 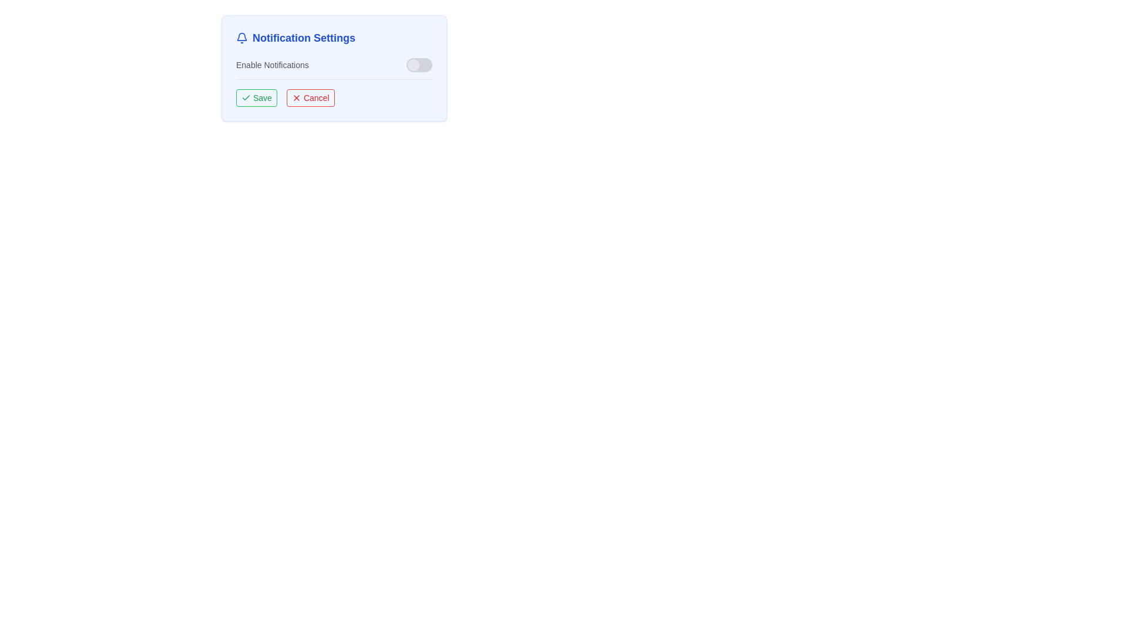 I want to click on the toggle switch labeled 'Enable Notifications' to change its state in the Notification Settings section, so click(x=334, y=65).